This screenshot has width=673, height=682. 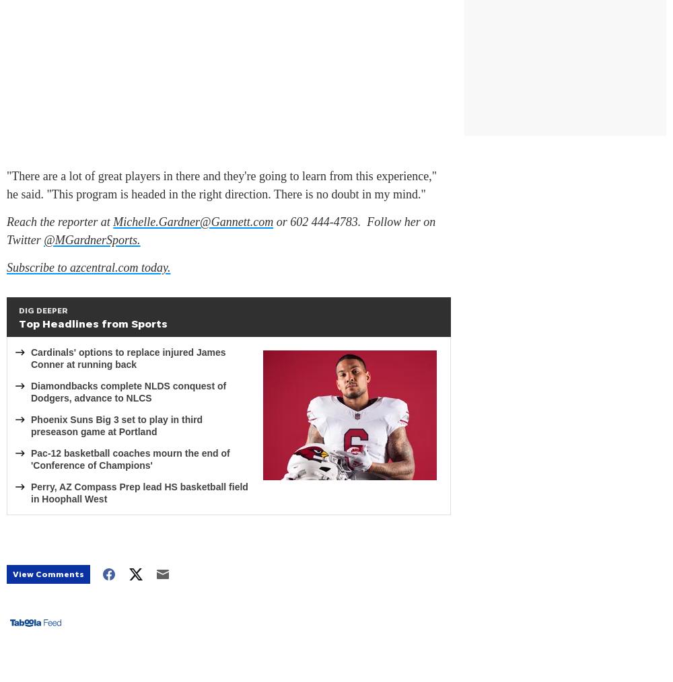 What do you see at coordinates (221, 185) in the screenshot?
I see `'"There are a lot of great players in there and they're going to learn from this experience," he said. "This program is headed in the right direction. There is no doubt in my mind."'` at bounding box center [221, 185].